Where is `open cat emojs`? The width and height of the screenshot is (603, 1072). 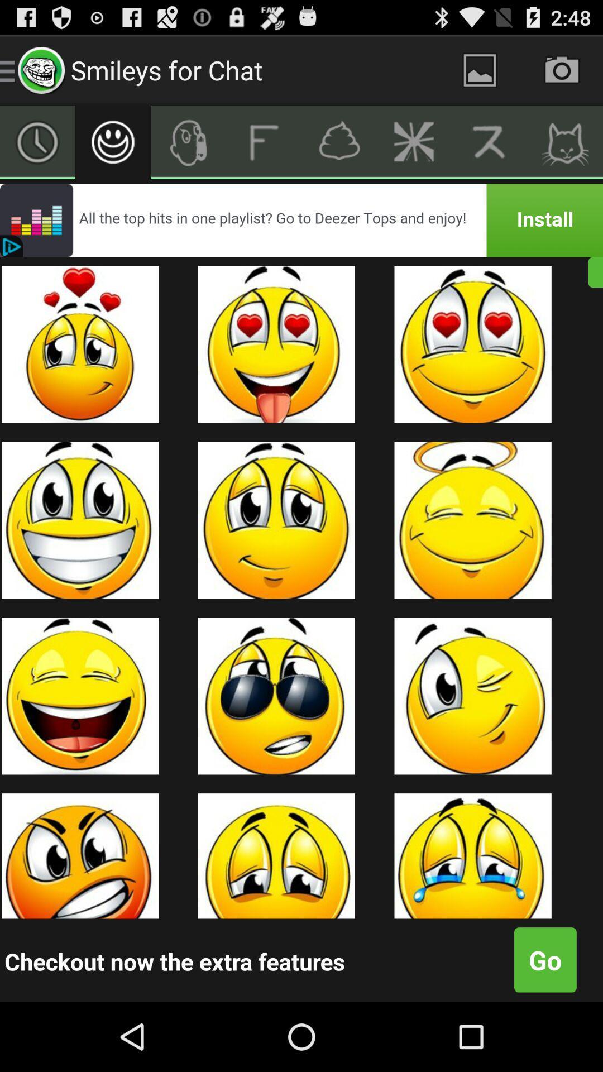
open cat emojs is located at coordinates (565, 141).